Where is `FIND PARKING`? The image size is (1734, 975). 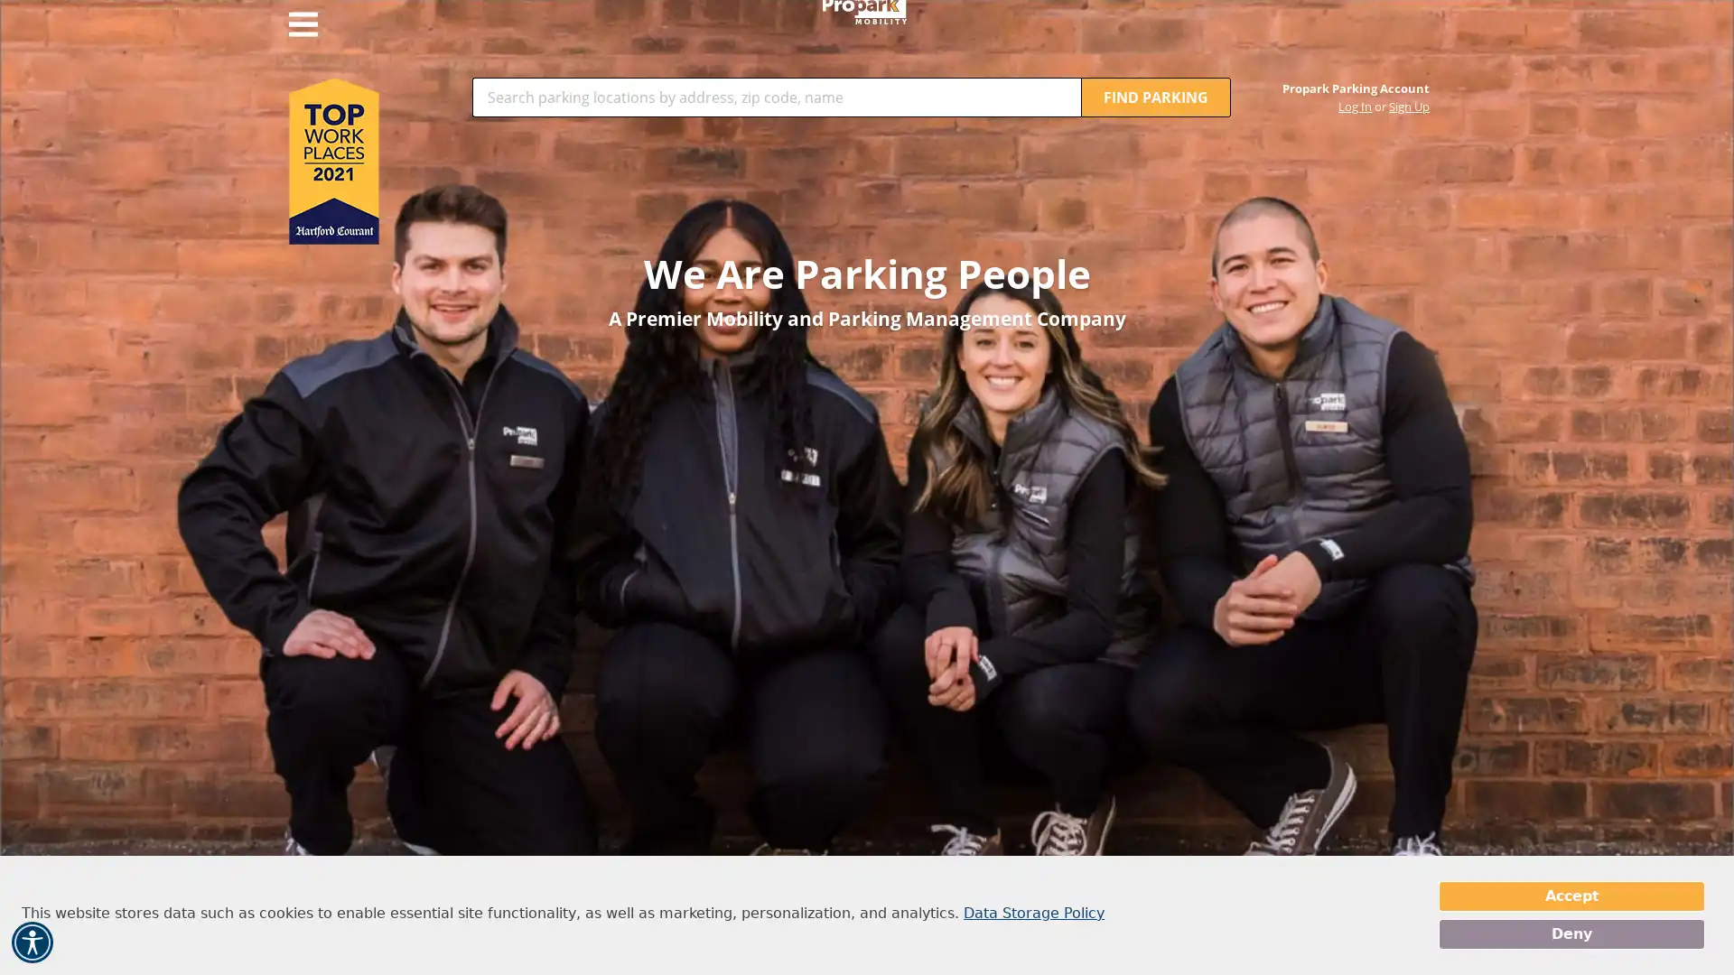
FIND PARKING is located at coordinates (1156, 97).